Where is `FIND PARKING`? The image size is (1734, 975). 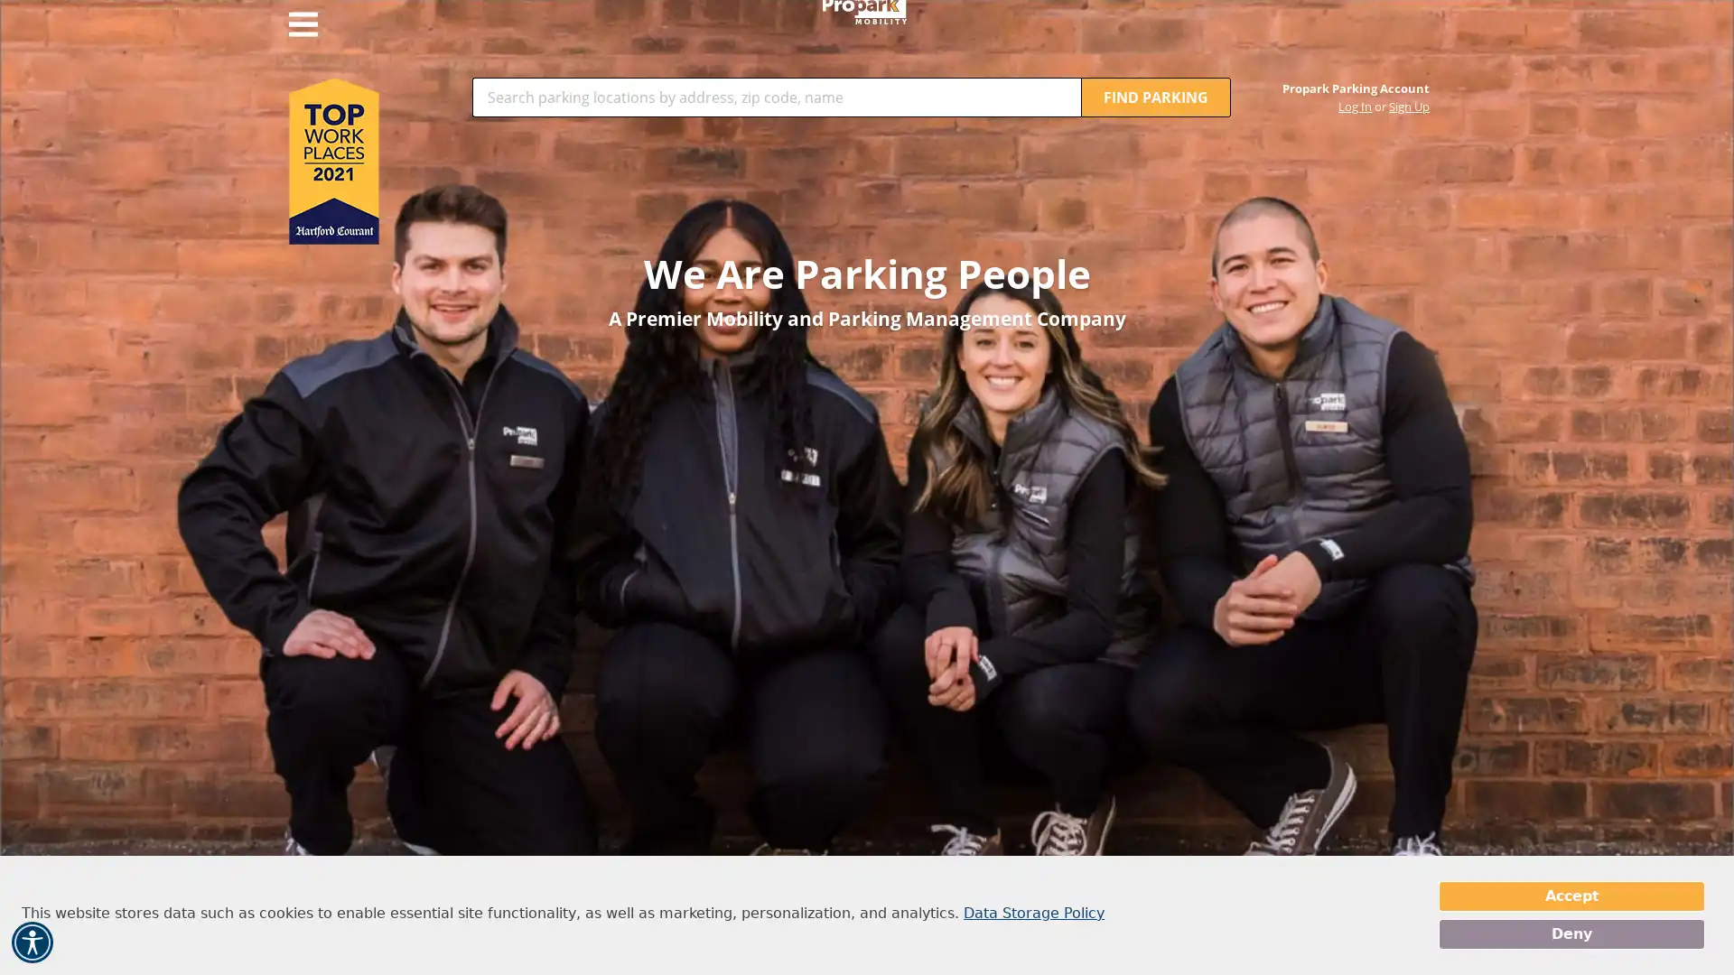
FIND PARKING is located at coordinates (1156, 97).